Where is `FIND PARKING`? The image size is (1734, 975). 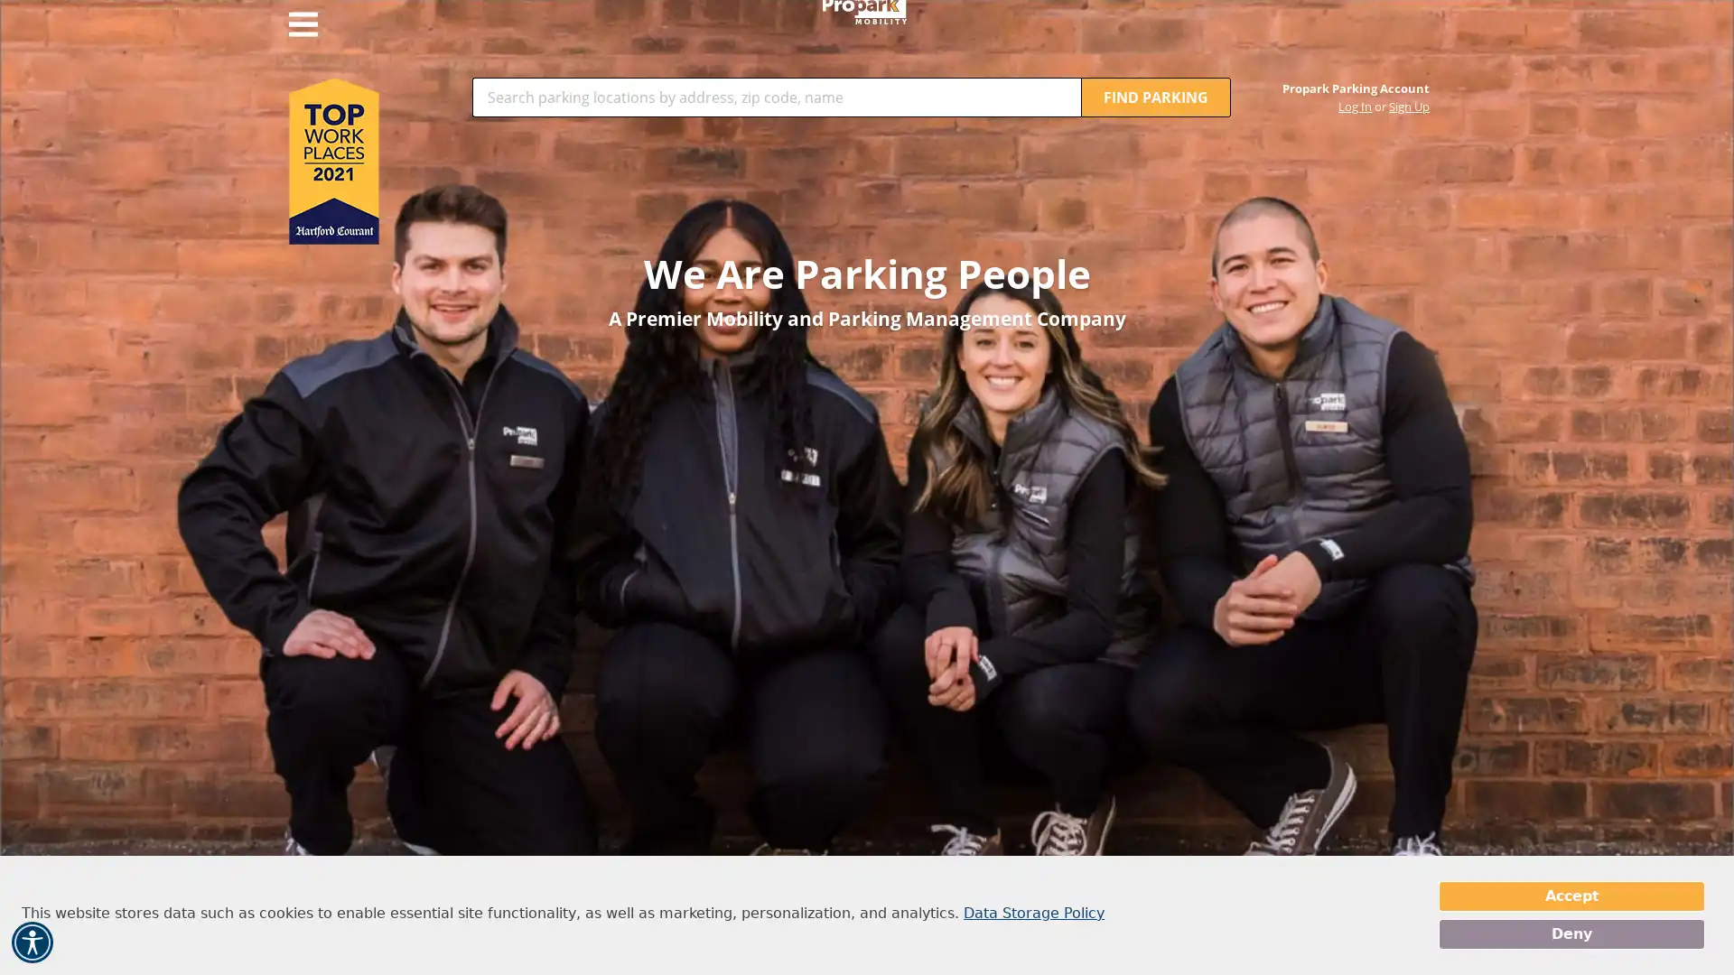
FIND PARKING is located at coordinates (1156, 97).